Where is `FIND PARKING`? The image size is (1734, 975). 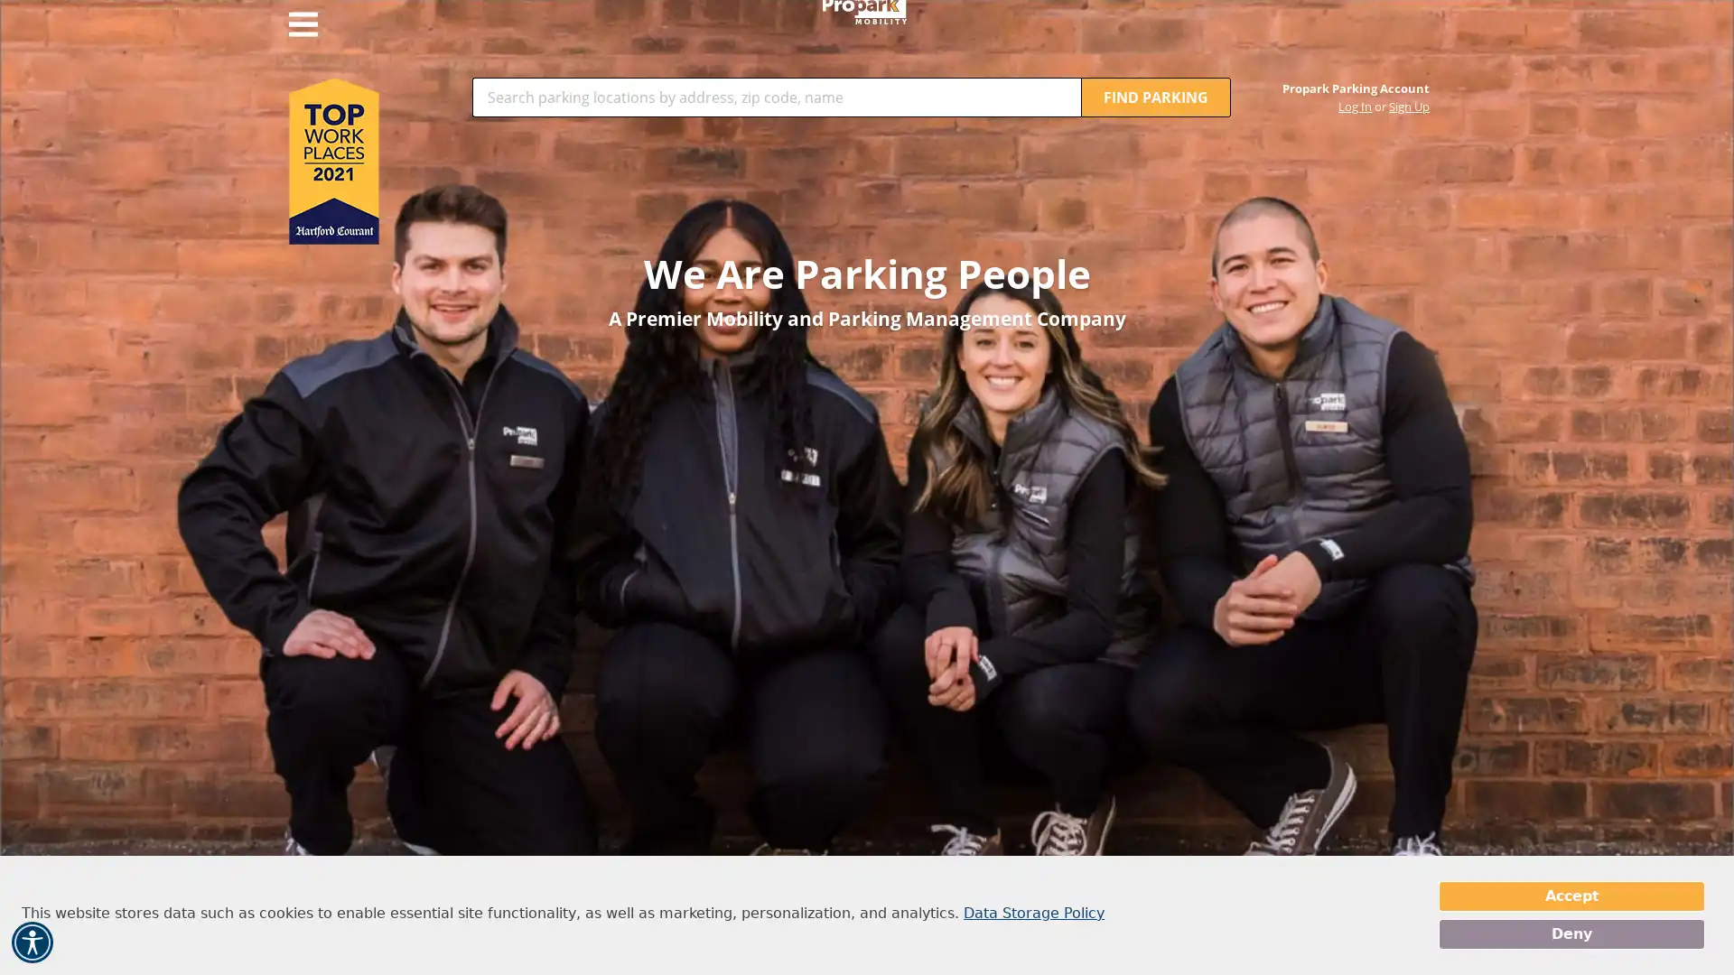
FIND PARKING is located at coordinates (1156, 97).